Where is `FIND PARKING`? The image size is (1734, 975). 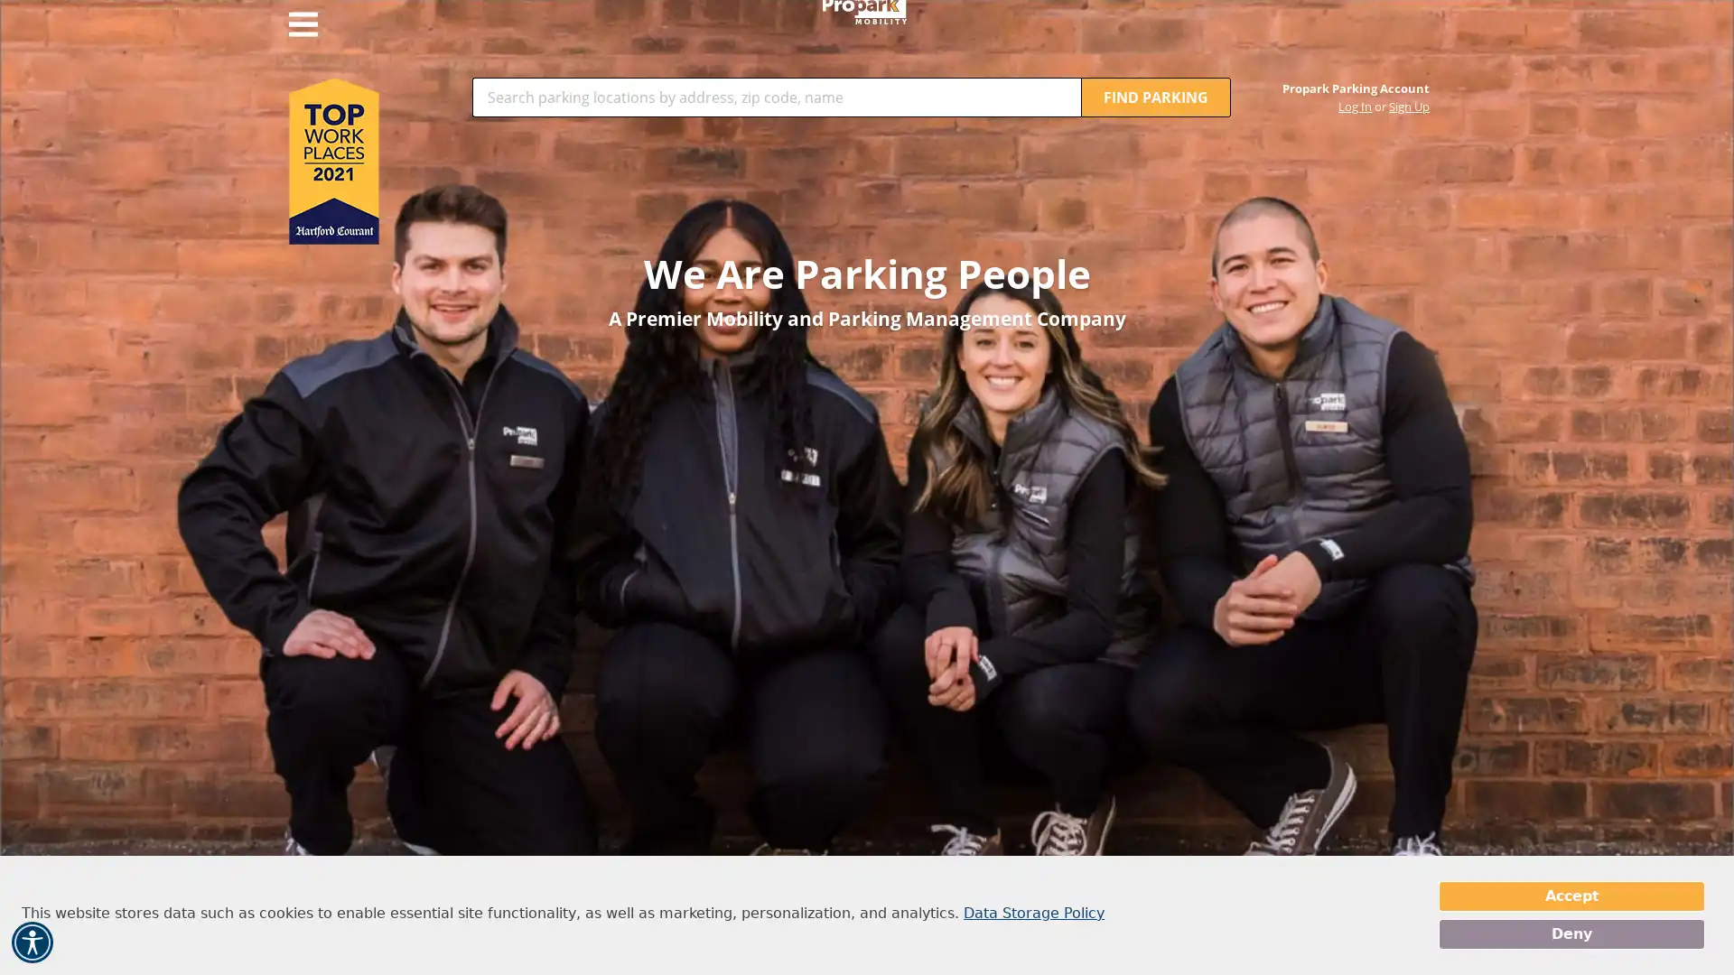
FIND PARKING is located at coordinates (1156, 97).